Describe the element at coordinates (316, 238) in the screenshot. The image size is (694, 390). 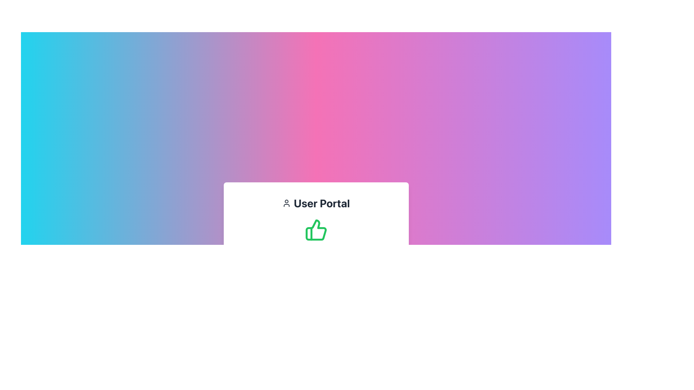
I see `the green thumbs-up icon located centrally within a white rounded rectangle card, which is the focal point of the 'User Portal' section` at that location.